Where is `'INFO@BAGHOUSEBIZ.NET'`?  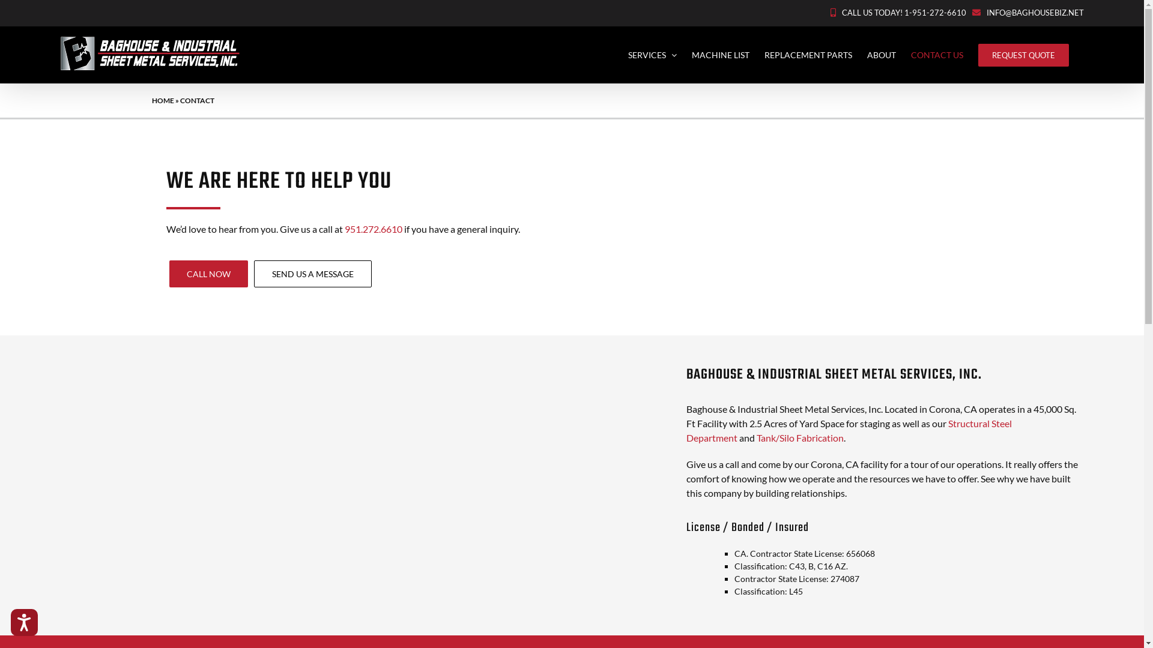 'INFO@BAGHOUSEBIZ.NET' is located at coordinates (1034, 12).